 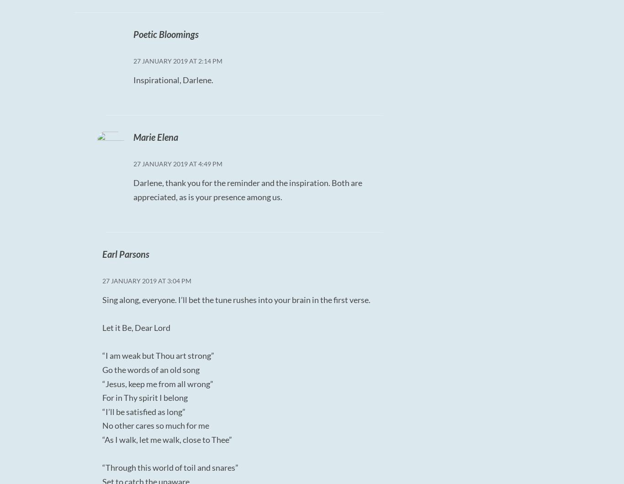 I want to click on 'Let it Be, Dear Lord', so click(x=136, y=328).